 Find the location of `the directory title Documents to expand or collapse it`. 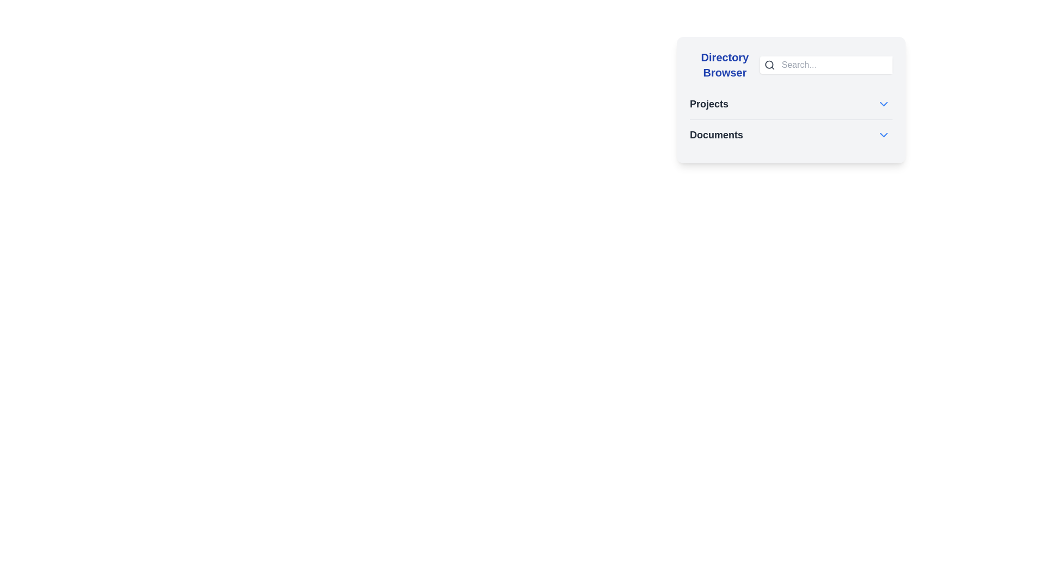

the directory title Documents to expand or collapse it is located at coordinates (717, 135).